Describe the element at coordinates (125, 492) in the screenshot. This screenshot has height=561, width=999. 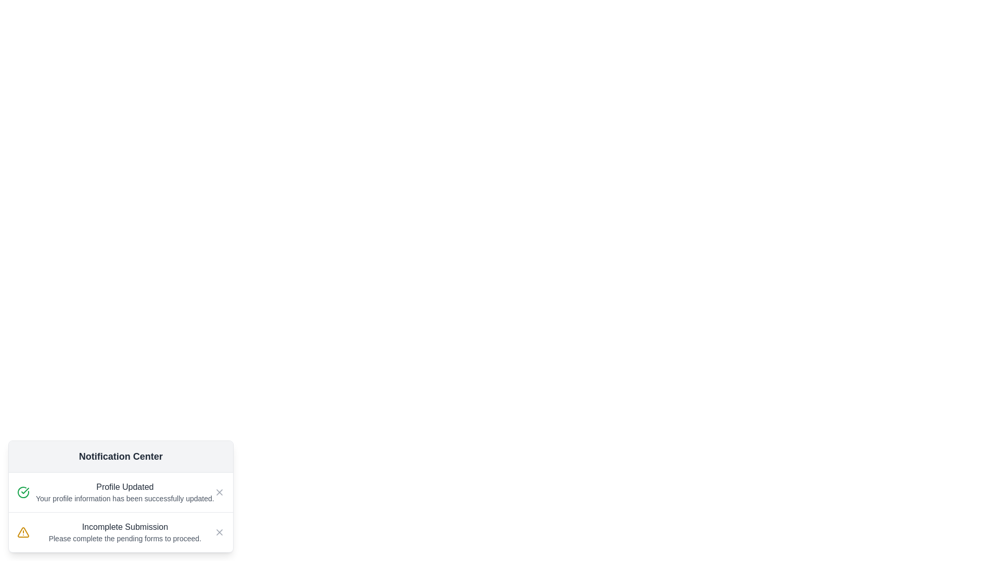
I see `the notification message that indicates successful profile update, located above the 'Incomplete Submission' notification` at that location.